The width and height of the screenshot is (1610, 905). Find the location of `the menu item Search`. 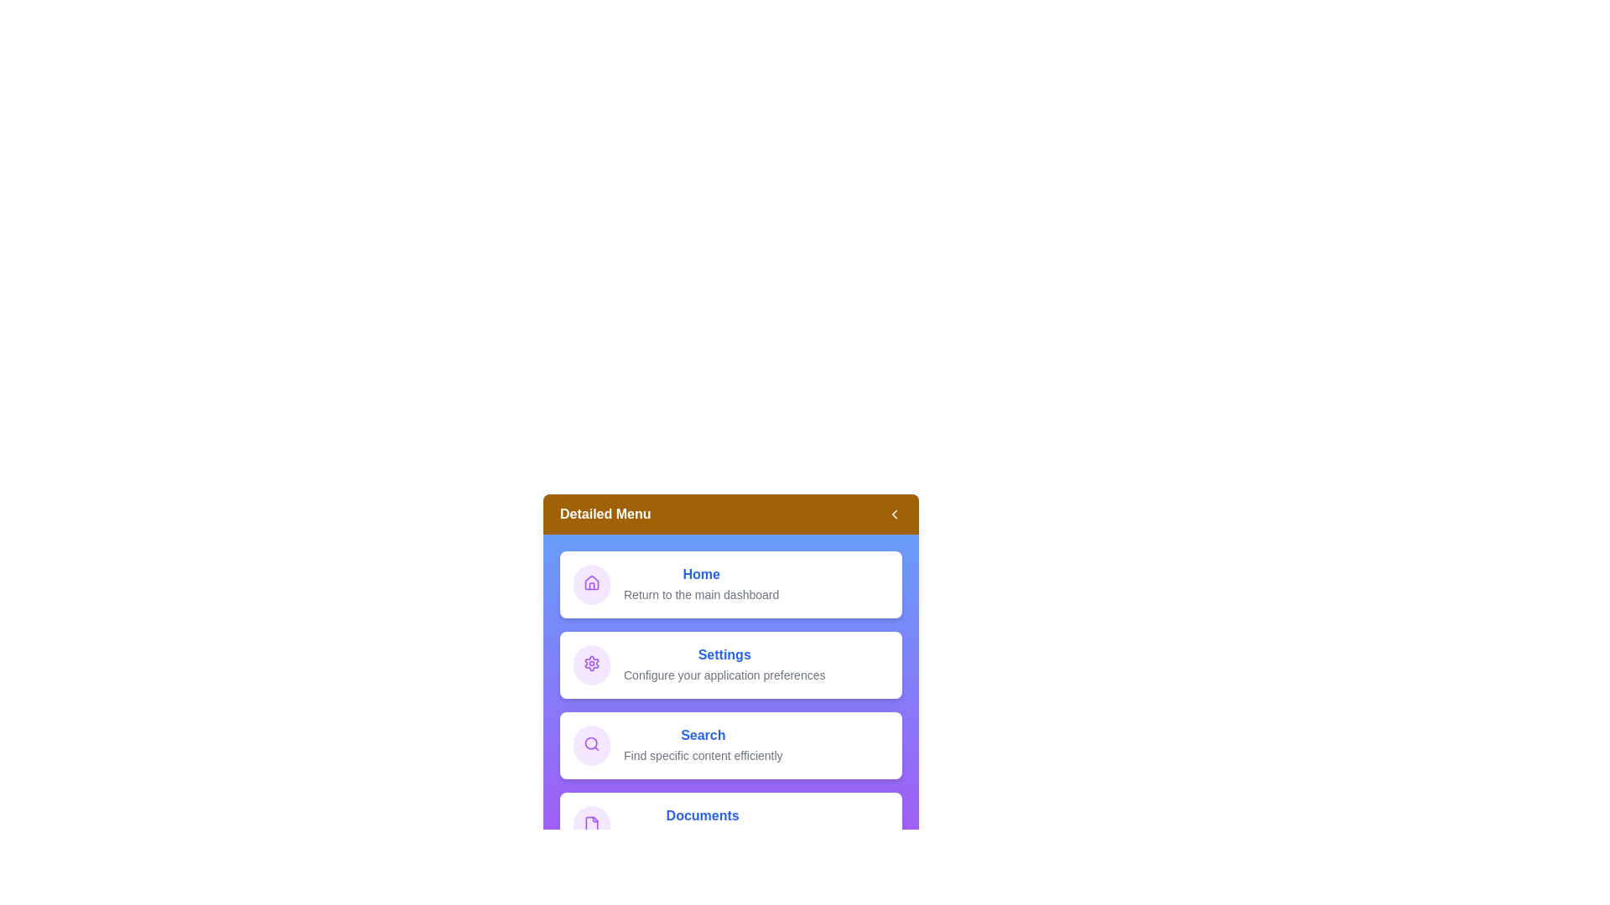

the menu item Search is located at coordinates (731, 745).